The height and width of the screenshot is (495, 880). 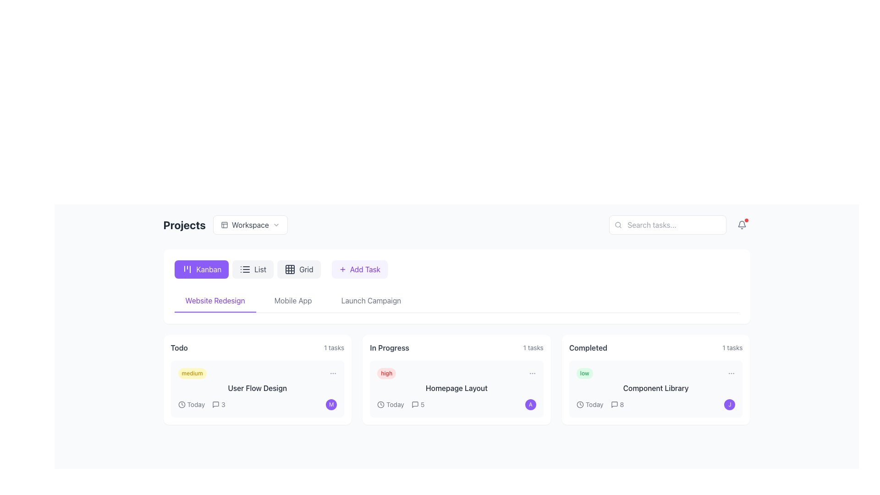 I want to click on the text label displaying '1 tasks' in small gray font located at the top-right corner of the 'Completed' section of the interface, so click(x=732, y=348).